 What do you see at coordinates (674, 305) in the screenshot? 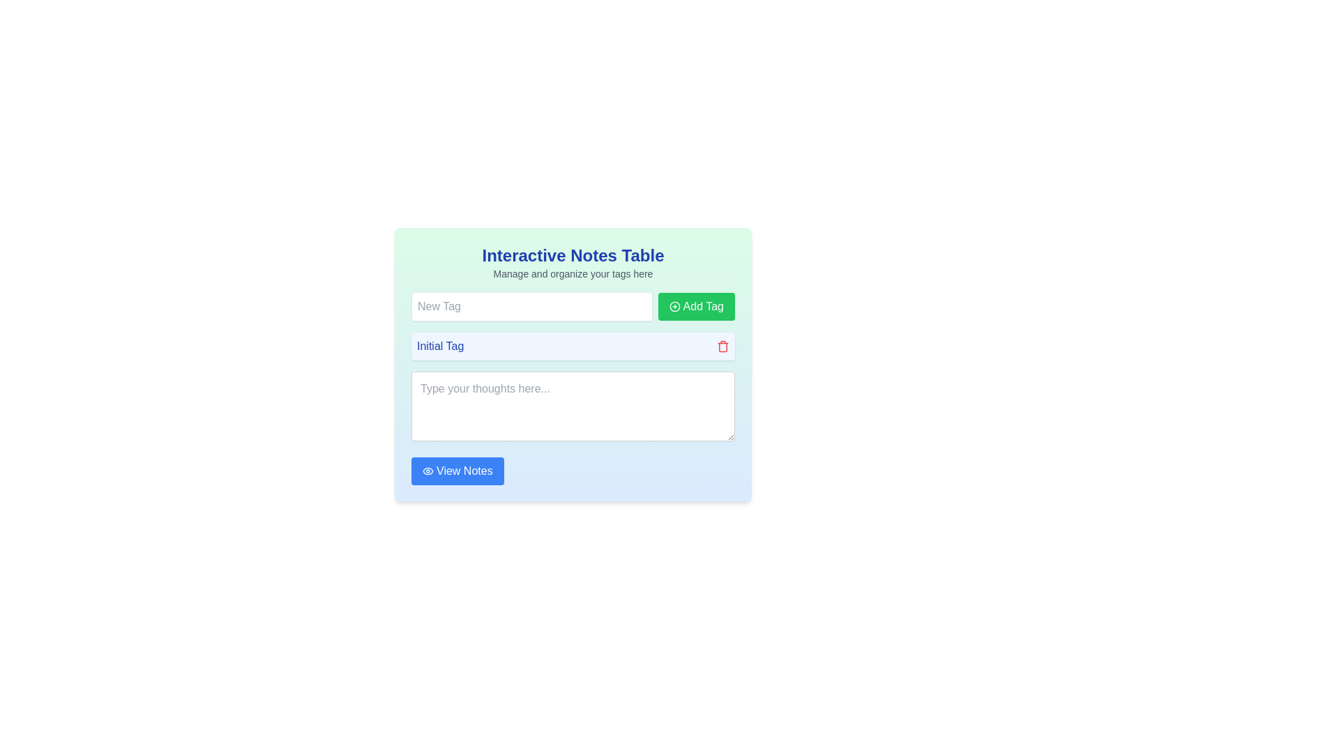
I see `the SVG icon of a circle with a plus sign inside, which is styled with a green background and white foreground elements, located within the 'Add Tag' button near the top-right corner of the interface` at bounding box center [674, 305].